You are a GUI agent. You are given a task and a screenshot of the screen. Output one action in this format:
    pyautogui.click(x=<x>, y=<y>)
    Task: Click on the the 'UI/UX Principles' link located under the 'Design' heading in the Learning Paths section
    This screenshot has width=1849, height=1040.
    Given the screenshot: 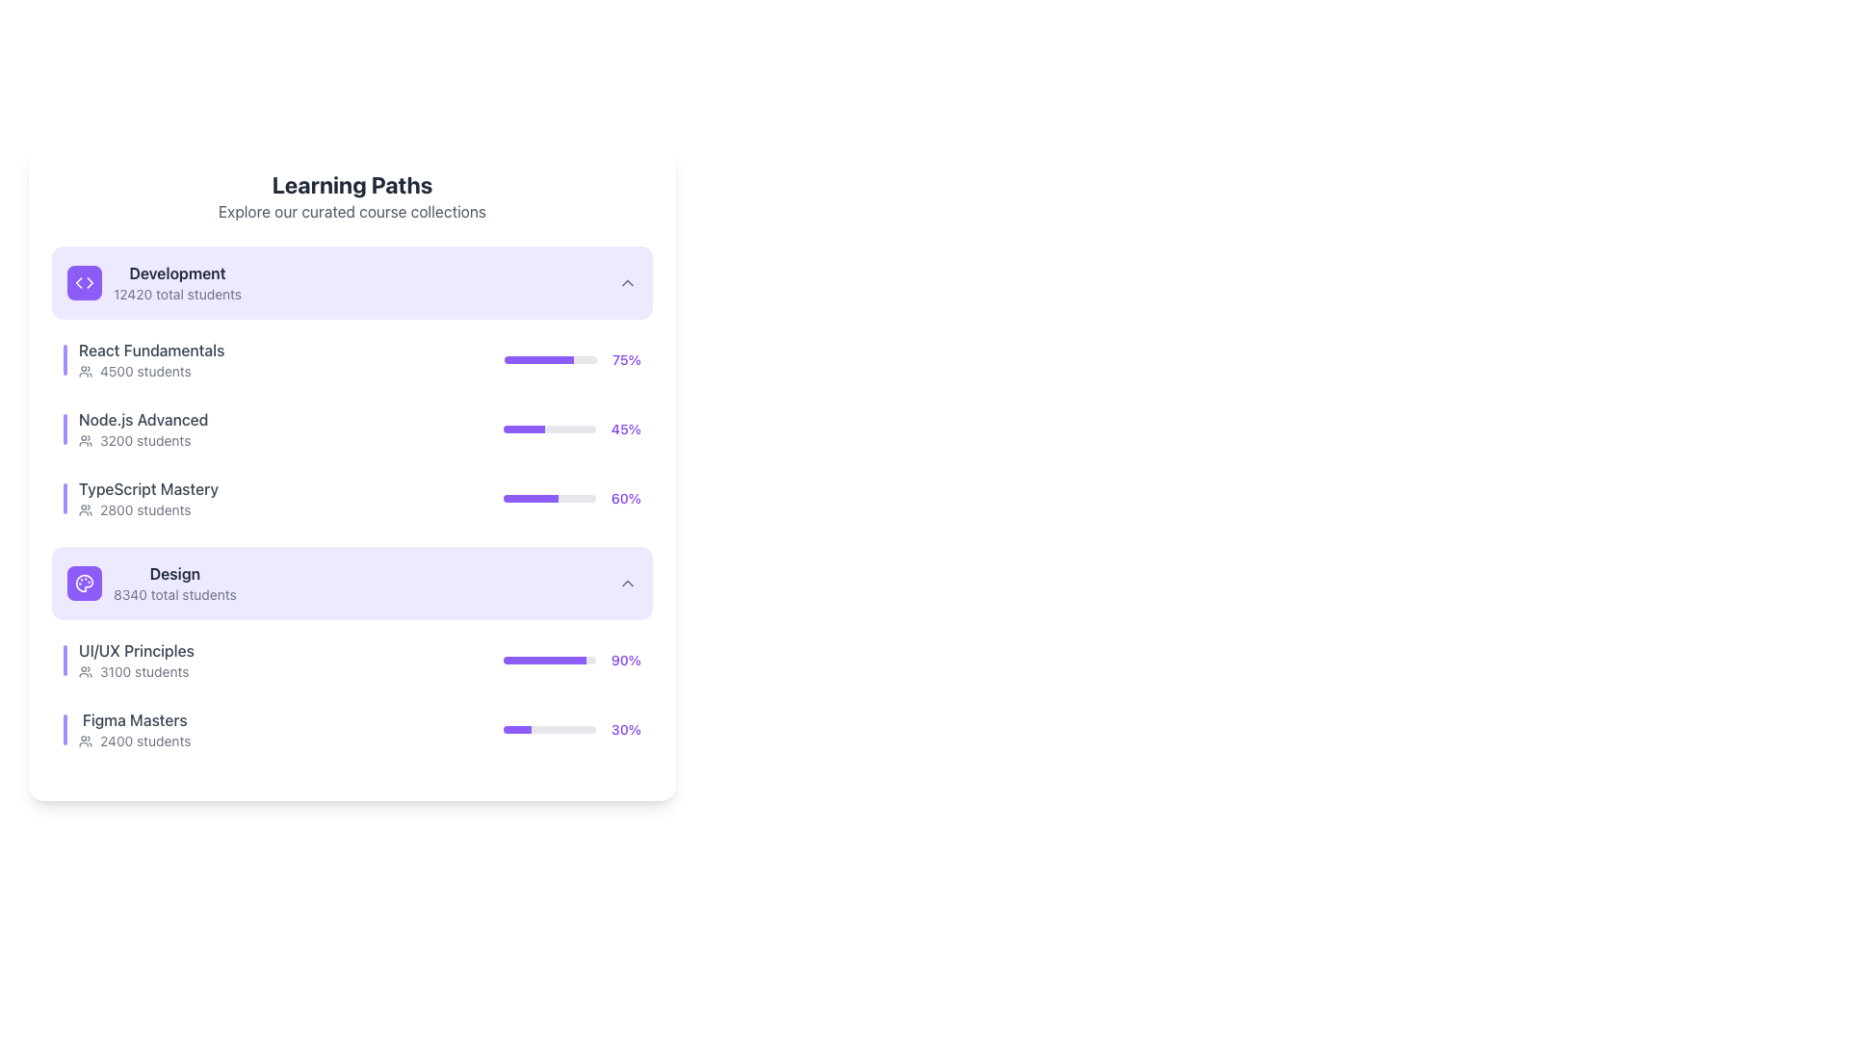 What is the action you would take?
    pyautogui.click(x=128, y=660)
    